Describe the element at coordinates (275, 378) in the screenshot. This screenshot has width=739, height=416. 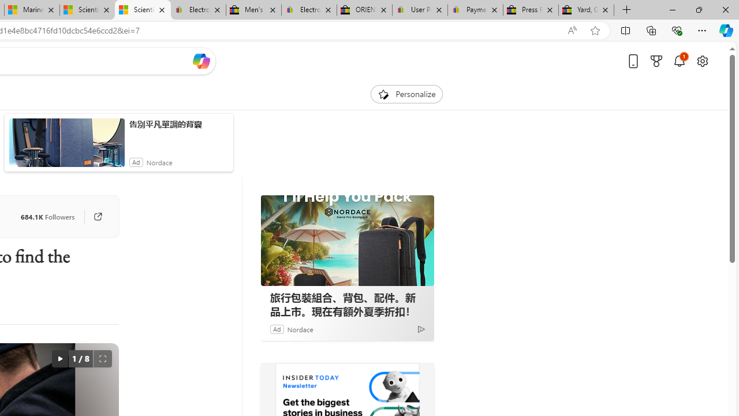
I see `'Business Insider'` at that location.